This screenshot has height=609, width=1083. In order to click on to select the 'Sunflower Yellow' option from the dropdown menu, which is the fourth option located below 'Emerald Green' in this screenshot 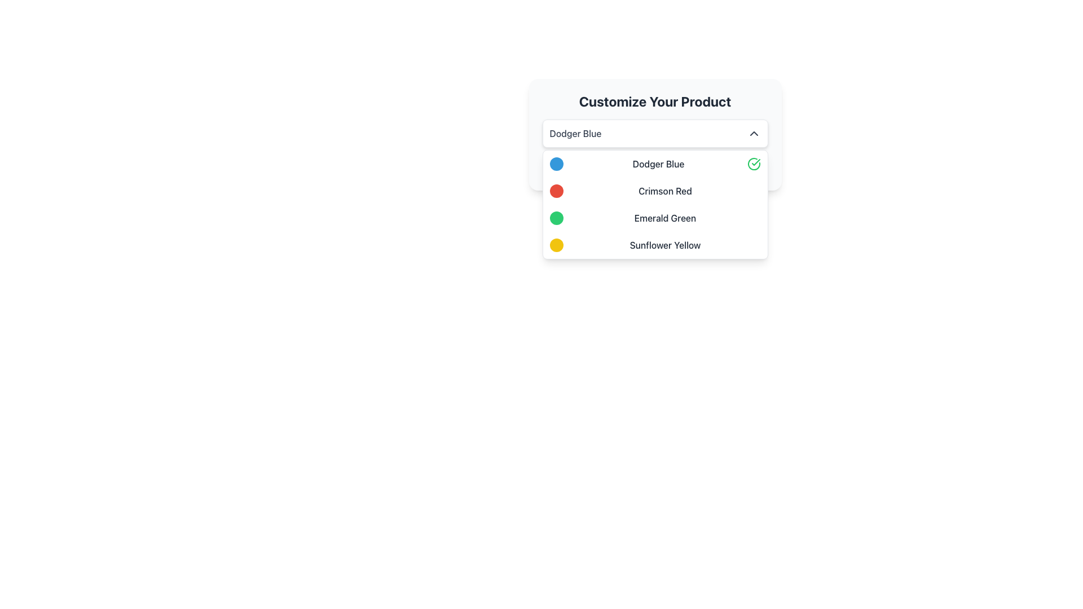, I will do `click(655, 245)`.